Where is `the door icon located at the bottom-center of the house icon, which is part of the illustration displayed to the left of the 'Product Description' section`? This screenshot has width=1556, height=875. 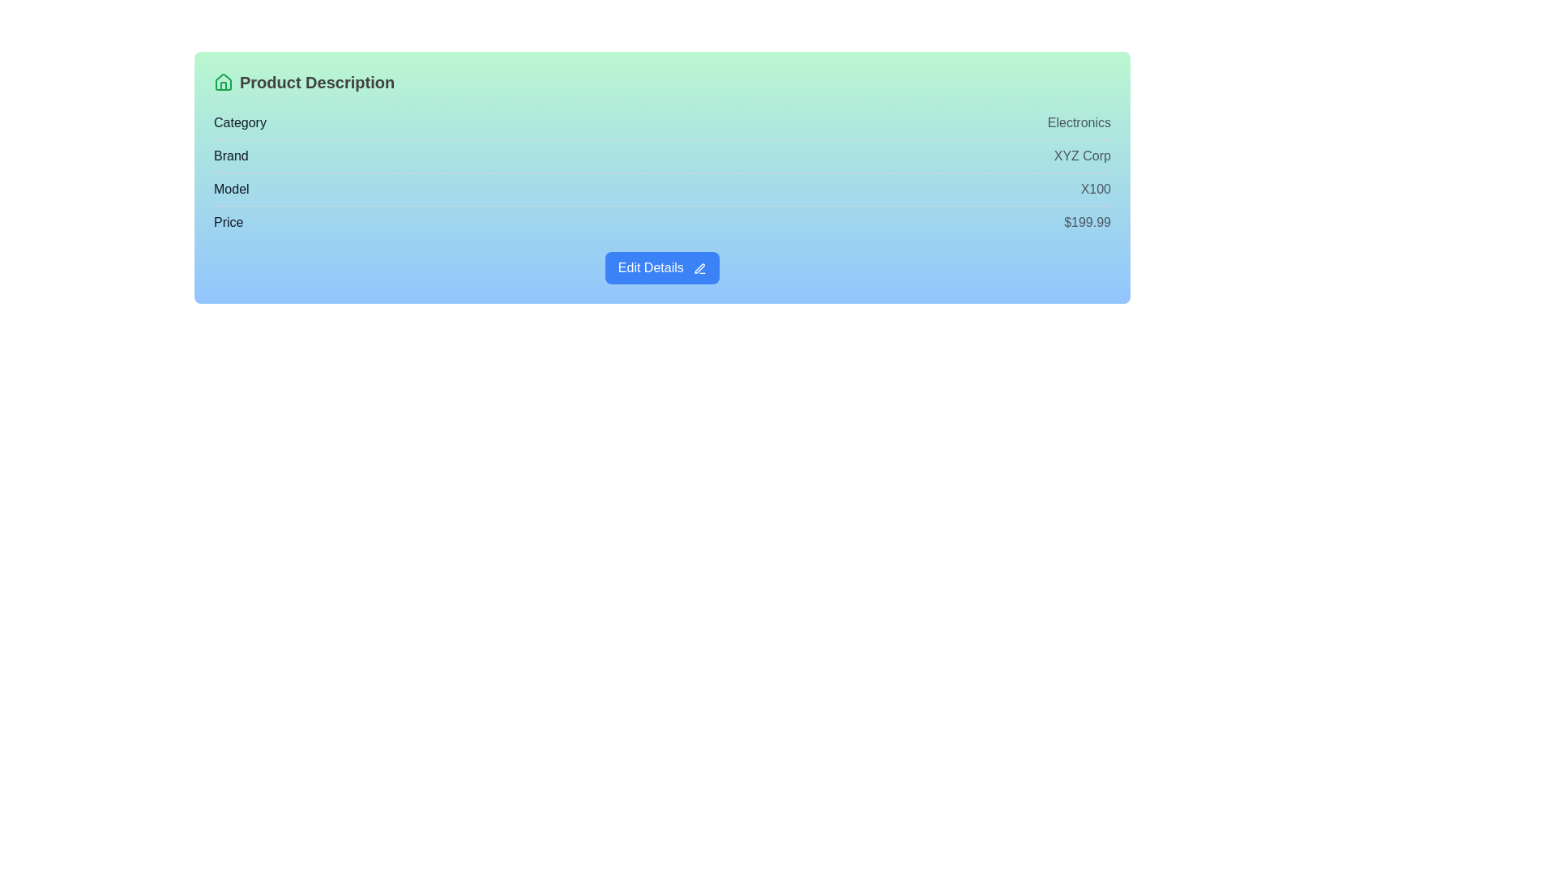
the door icon located at the bottom-center of the house icon, which is part of the illustration displayed to the left of the 'Product Description' section is located at coordinates (222, 86).